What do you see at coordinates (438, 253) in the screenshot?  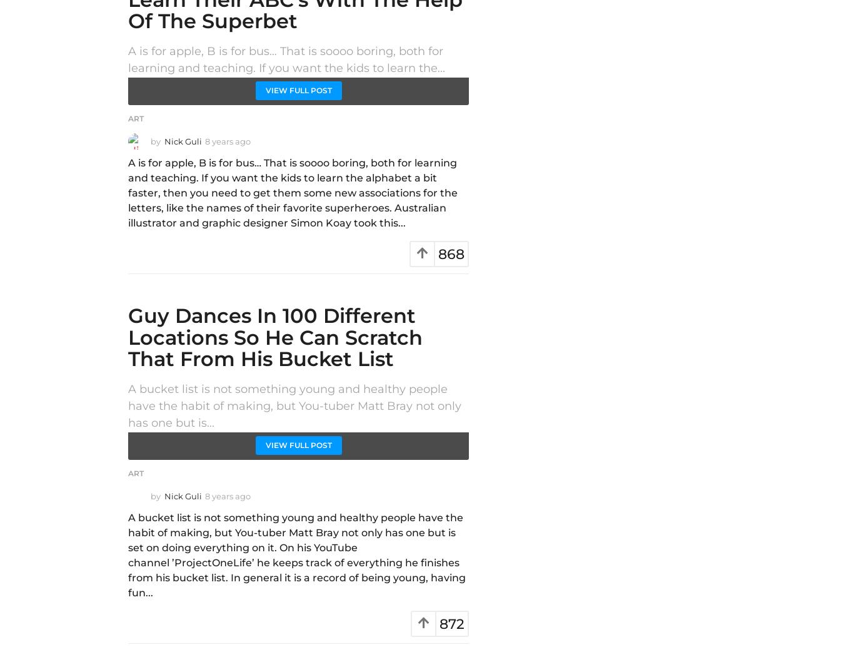 I see `'868'` at bounding box center [438, 253].